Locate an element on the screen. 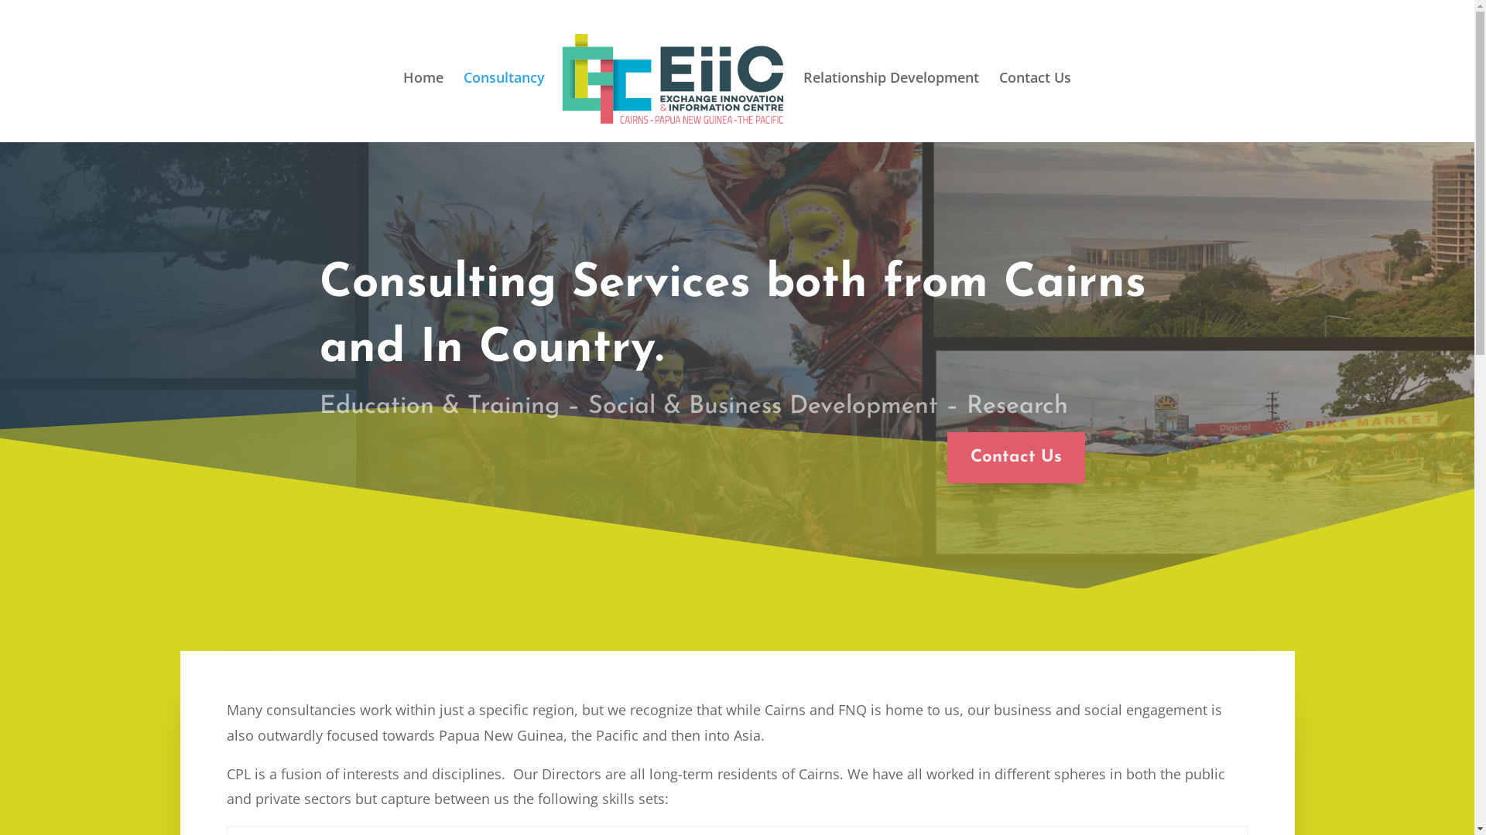  'Relationship Development' is located at coordinates (891, 99).